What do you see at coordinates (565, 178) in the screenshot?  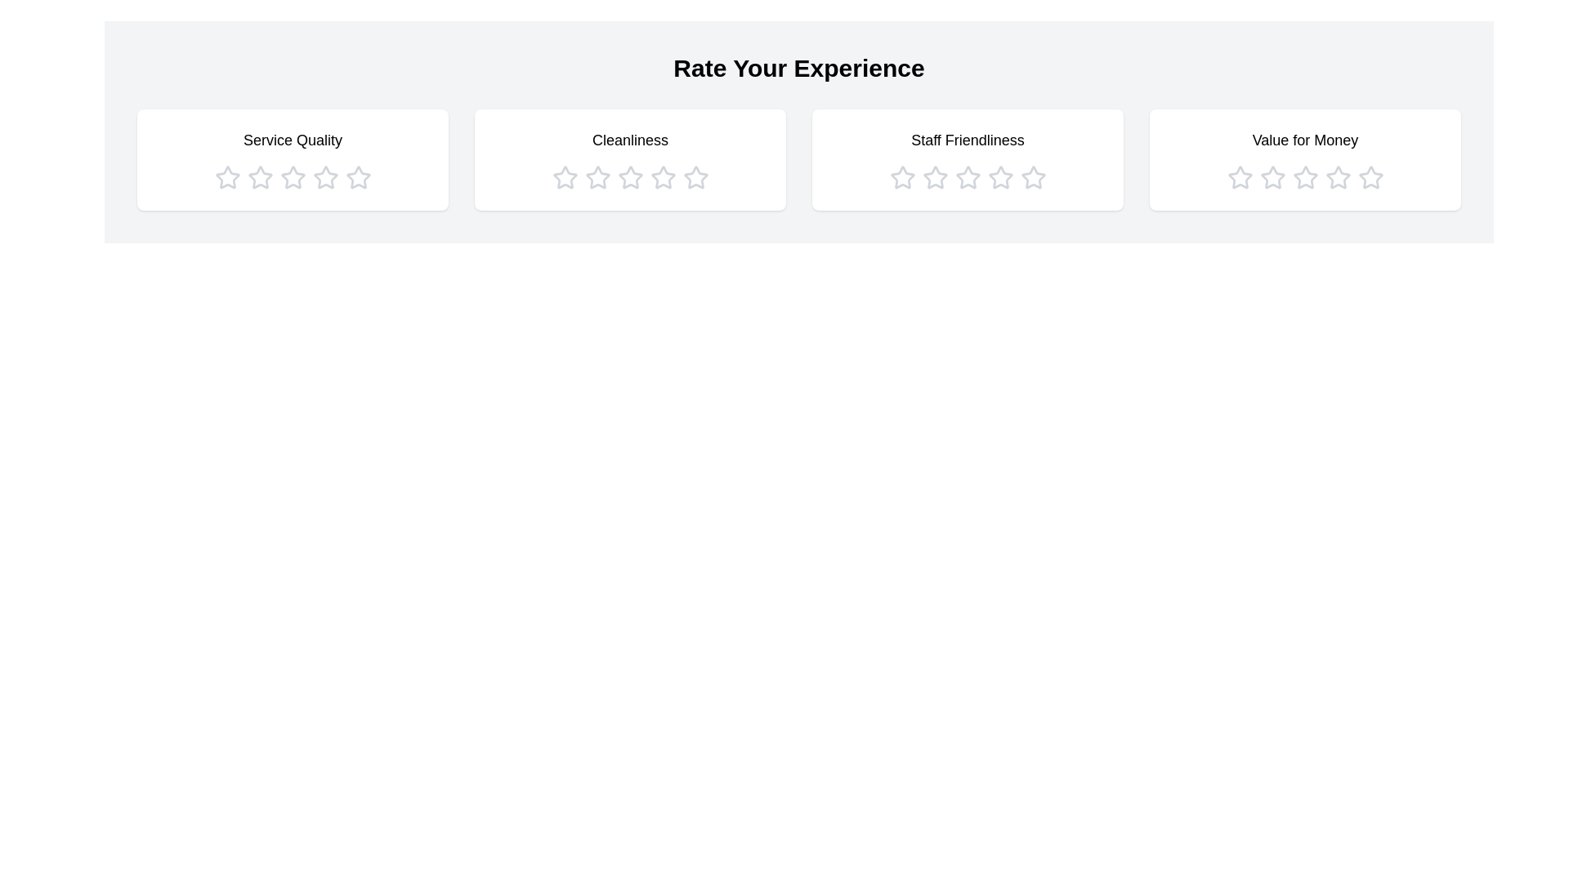 I see `the star icon corresponding to 1 stars in the category Cleanliness` at bounding box center [565, 178].